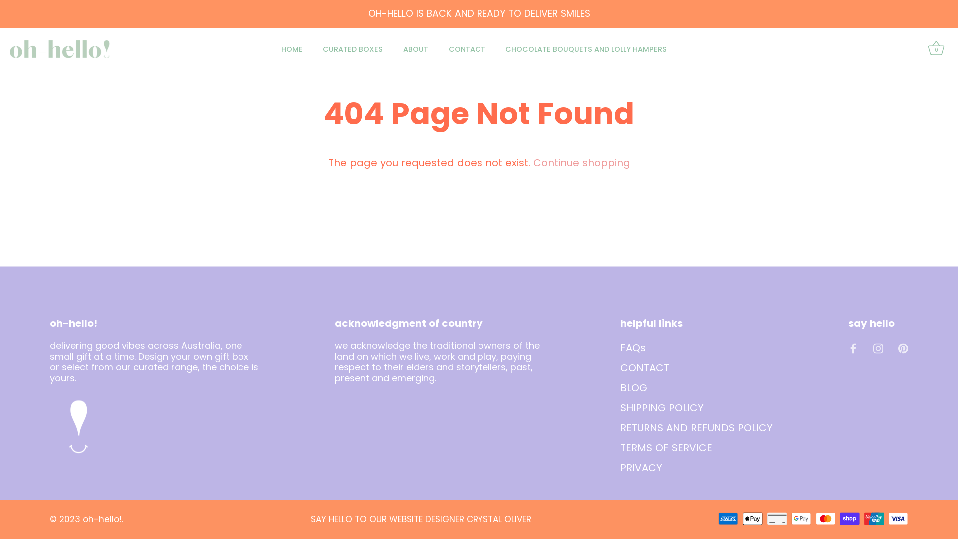  Describe the element at coordinates (662, 407) in the screenshot. I see `'SHIPPING POLICY'` at that location.